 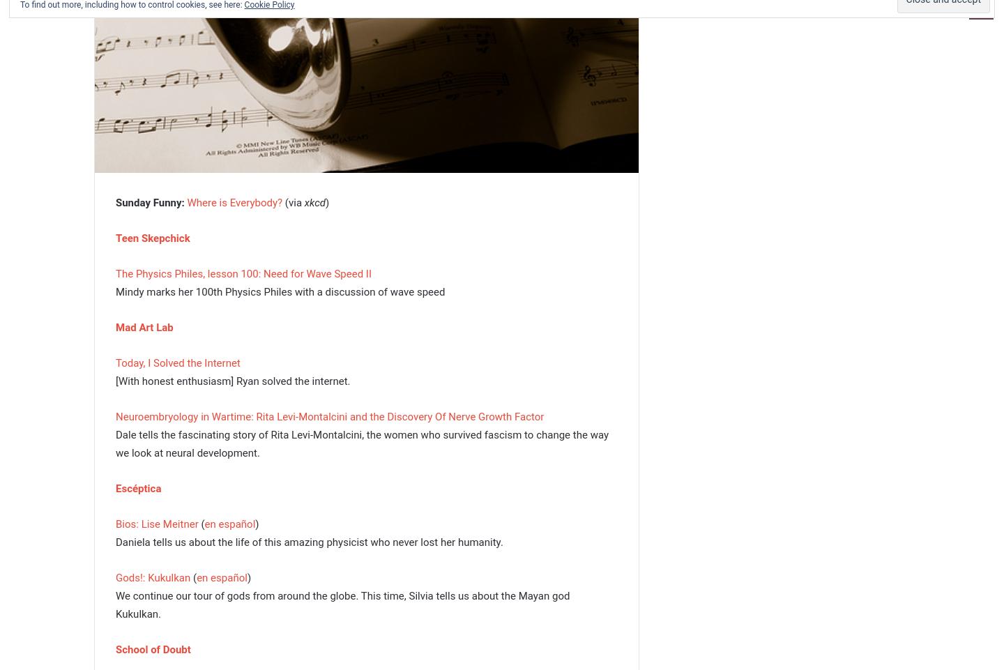 What do you see at coordinates (232, 380) in the screenshot?
I see `'[With honest enthusiasm] Ryan solved the internet.'` at bounding box center [232, 380].